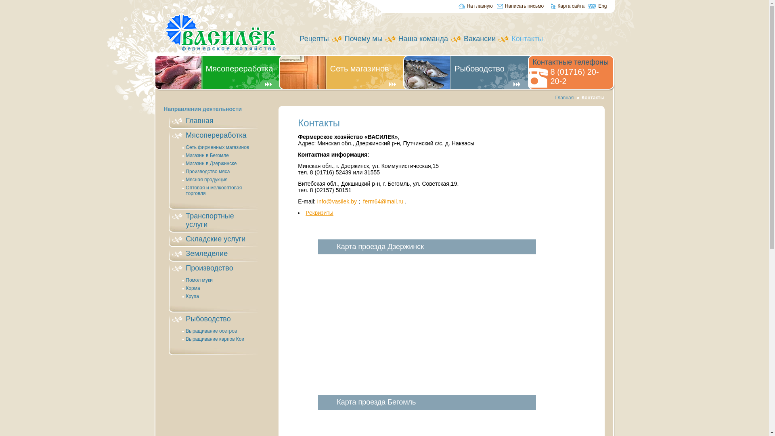  Describe the element at coordinates (597, 6) in the screenshot. I see `'Eng'` at that location.